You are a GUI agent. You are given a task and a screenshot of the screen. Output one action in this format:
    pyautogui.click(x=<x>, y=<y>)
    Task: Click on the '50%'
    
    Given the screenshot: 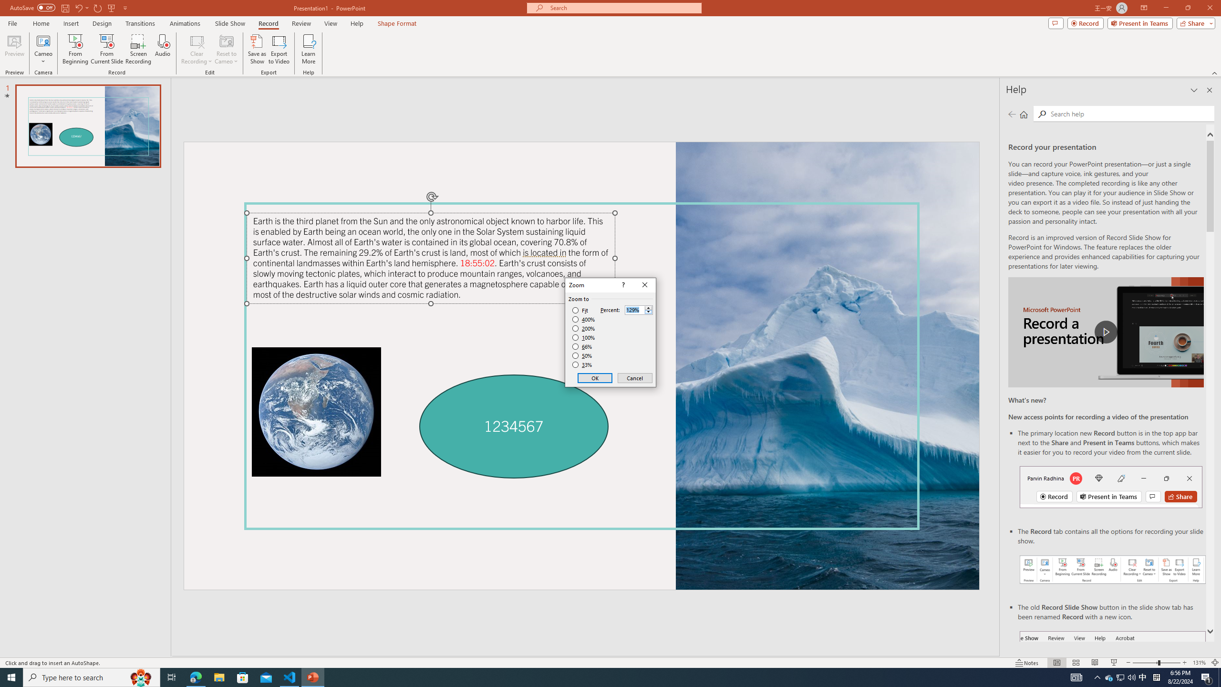 What is the action you would take?
    pyautogui.click(x=583, y=355)
    